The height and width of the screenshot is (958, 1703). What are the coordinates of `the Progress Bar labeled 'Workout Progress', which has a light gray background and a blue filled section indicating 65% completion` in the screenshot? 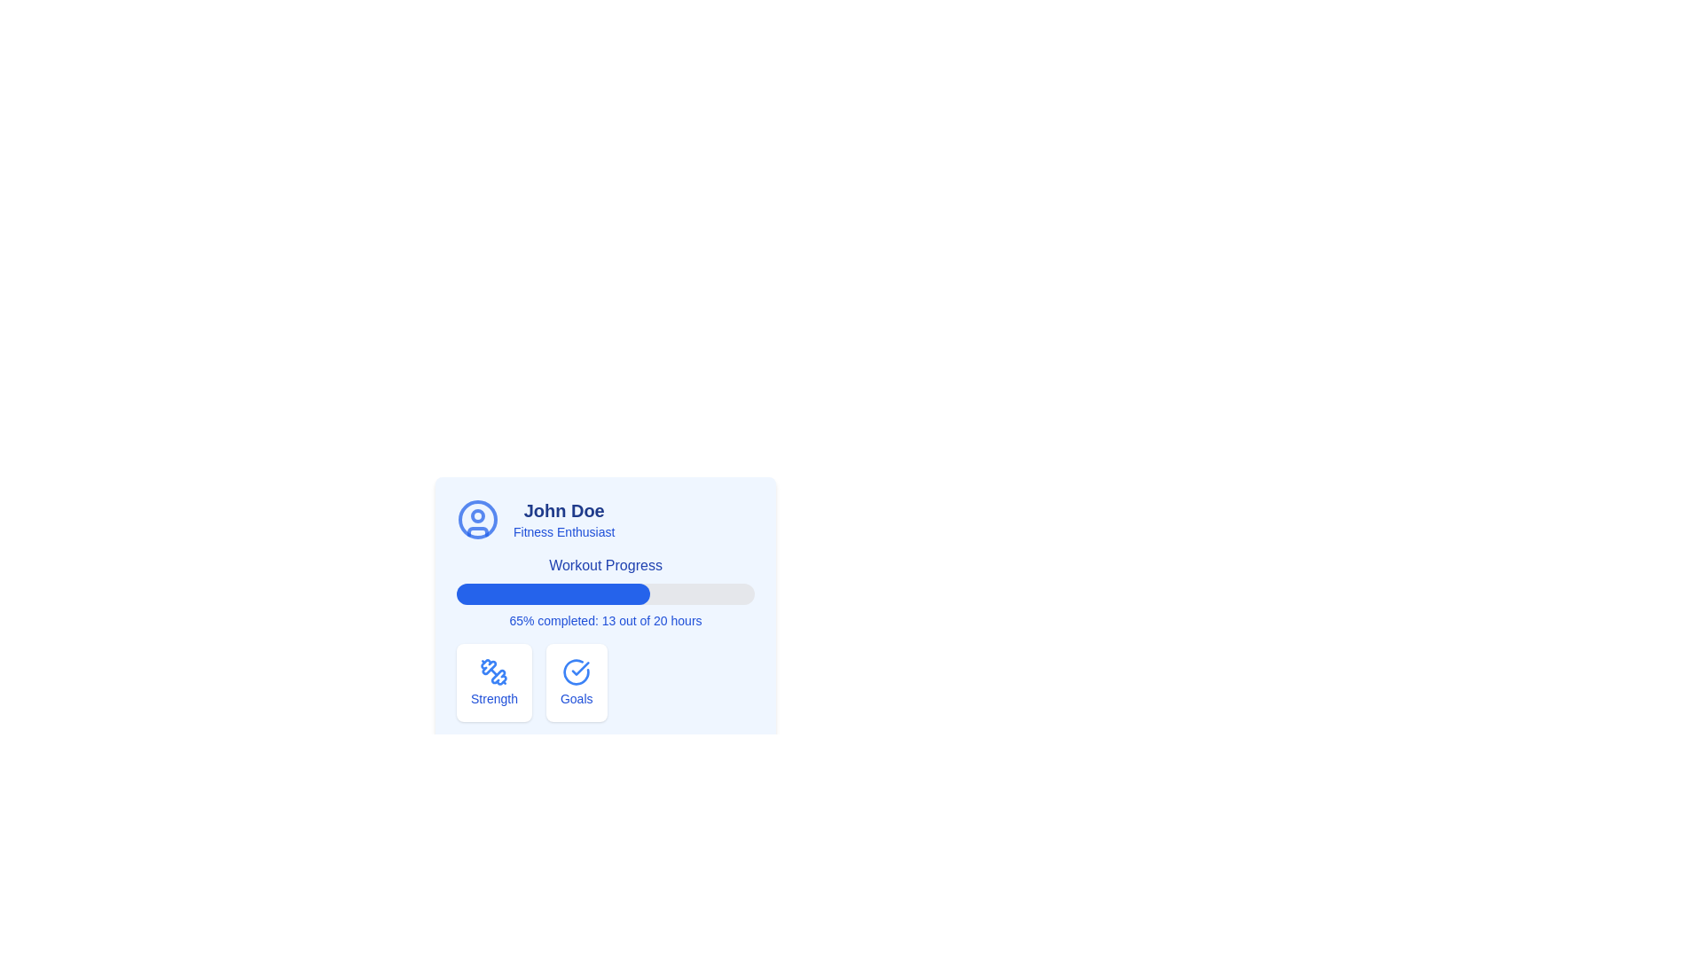 It's located at (605, 592).